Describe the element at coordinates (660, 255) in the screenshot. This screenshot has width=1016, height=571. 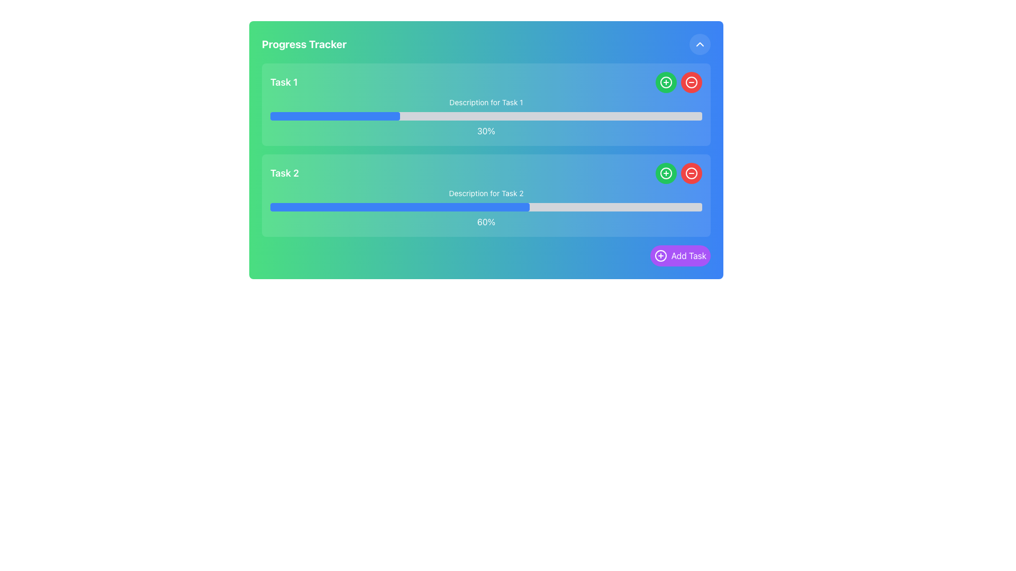
I see `the circular icon with a plus symbol in the center, located within the 'Add Task' button on a purple background` at that location.